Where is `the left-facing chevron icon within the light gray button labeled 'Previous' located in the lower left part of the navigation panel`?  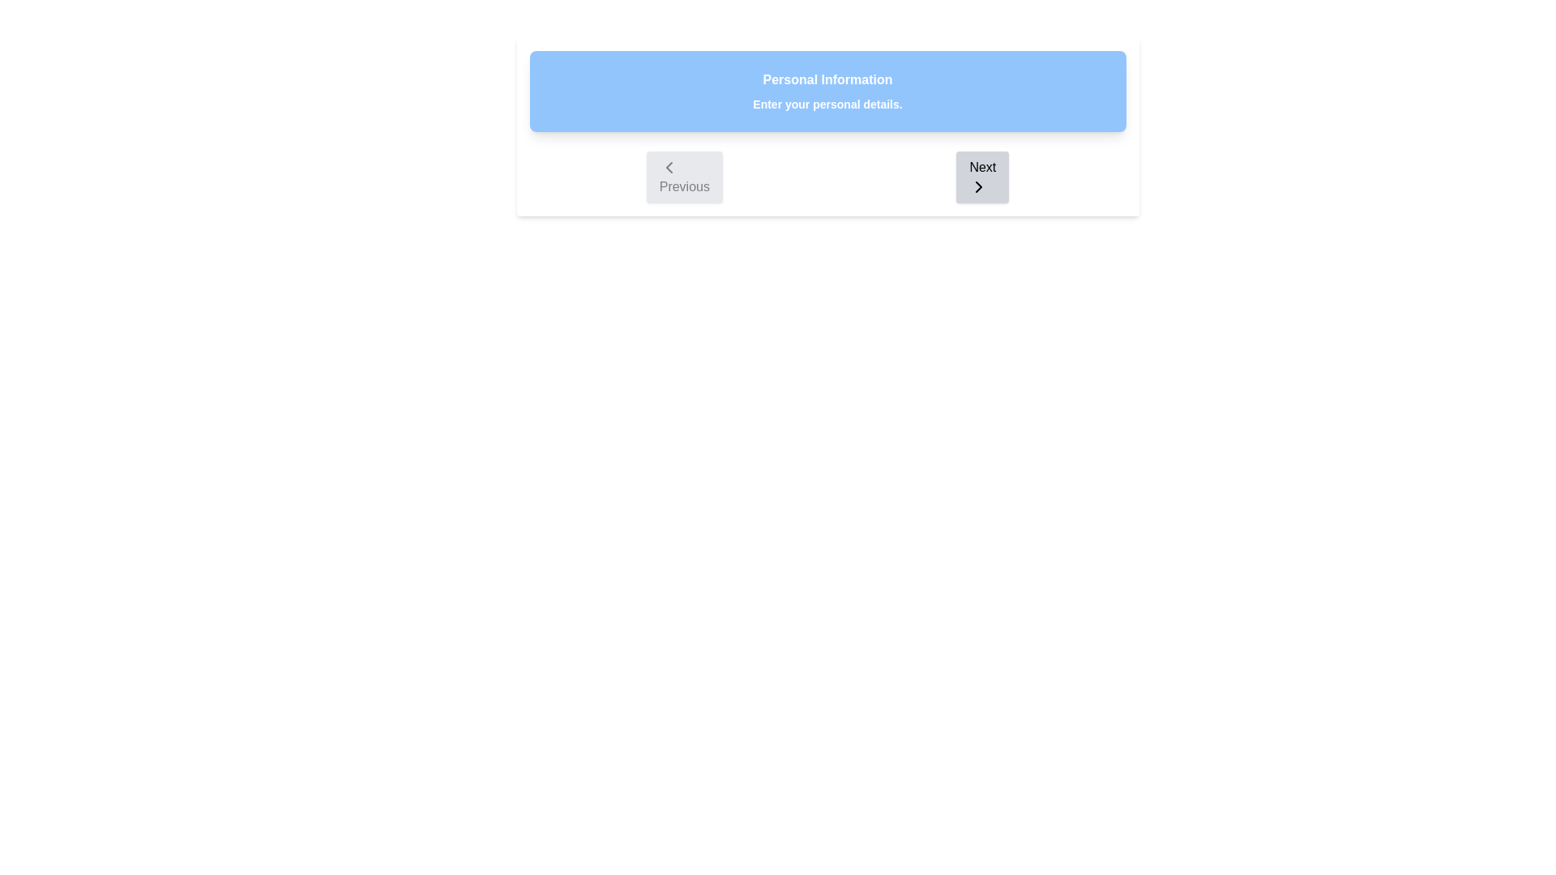 the left-facing chevron icon within the light gray button labeled 'Previous' located in the lower left part of the navigation panel is located at coordinates (669, 168).